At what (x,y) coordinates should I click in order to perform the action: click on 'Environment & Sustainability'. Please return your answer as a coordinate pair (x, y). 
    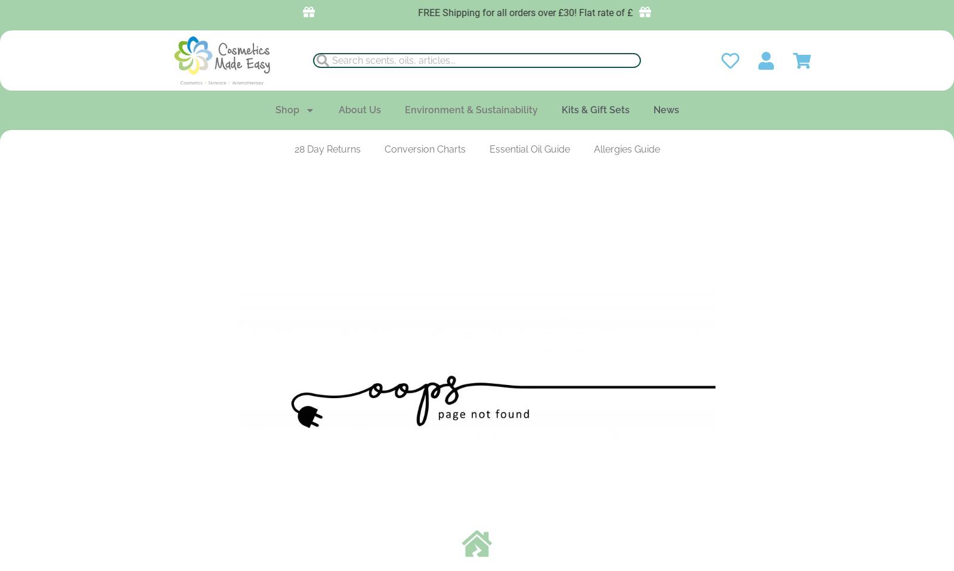
    Looking at the image, I should click on (470, 109).